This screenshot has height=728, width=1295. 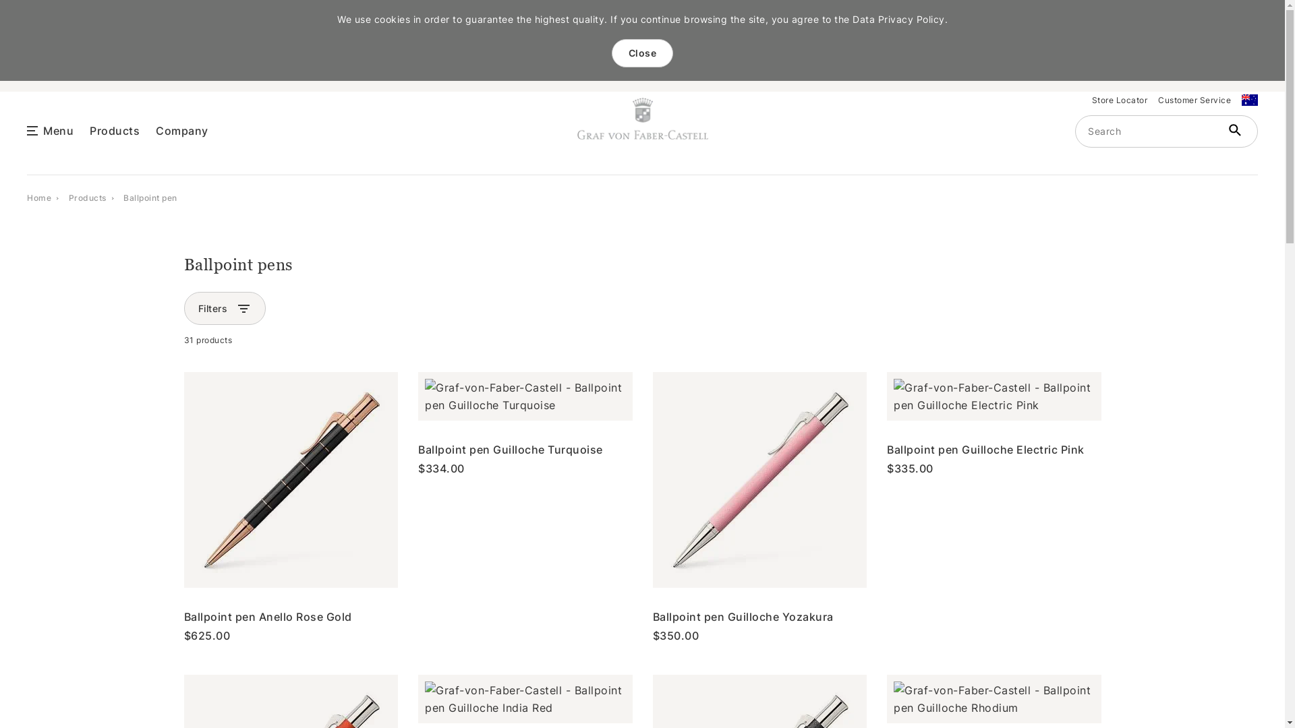 I want to click on 'Close', so click(x=642, y=52).